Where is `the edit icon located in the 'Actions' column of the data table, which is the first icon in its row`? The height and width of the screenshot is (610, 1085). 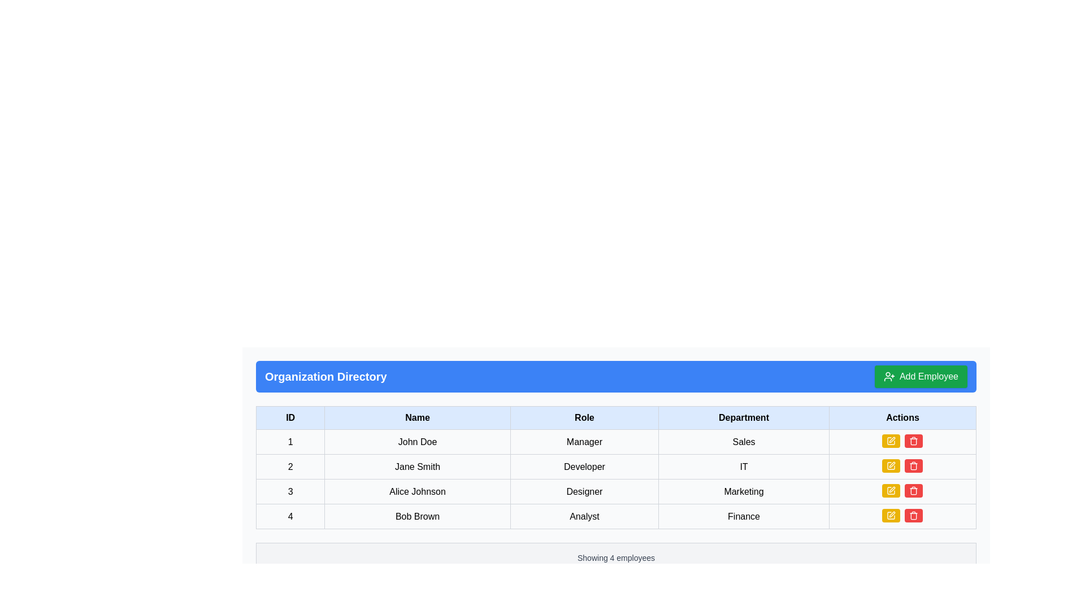 the edit icon located in the 'Actions' column of the data table, which is the first icon in its row is located at coordinates (892, 439).